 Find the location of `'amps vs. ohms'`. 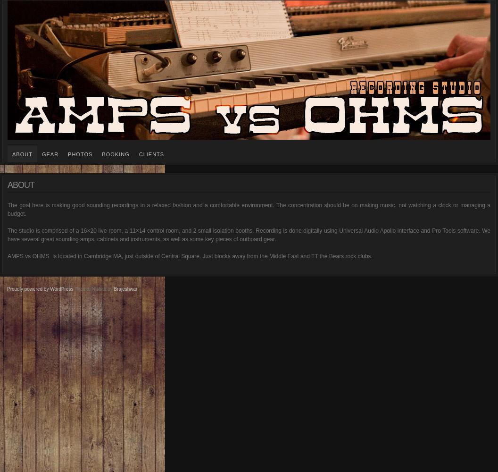

'amps vs. ohms' is located at coordinates (45, 23).